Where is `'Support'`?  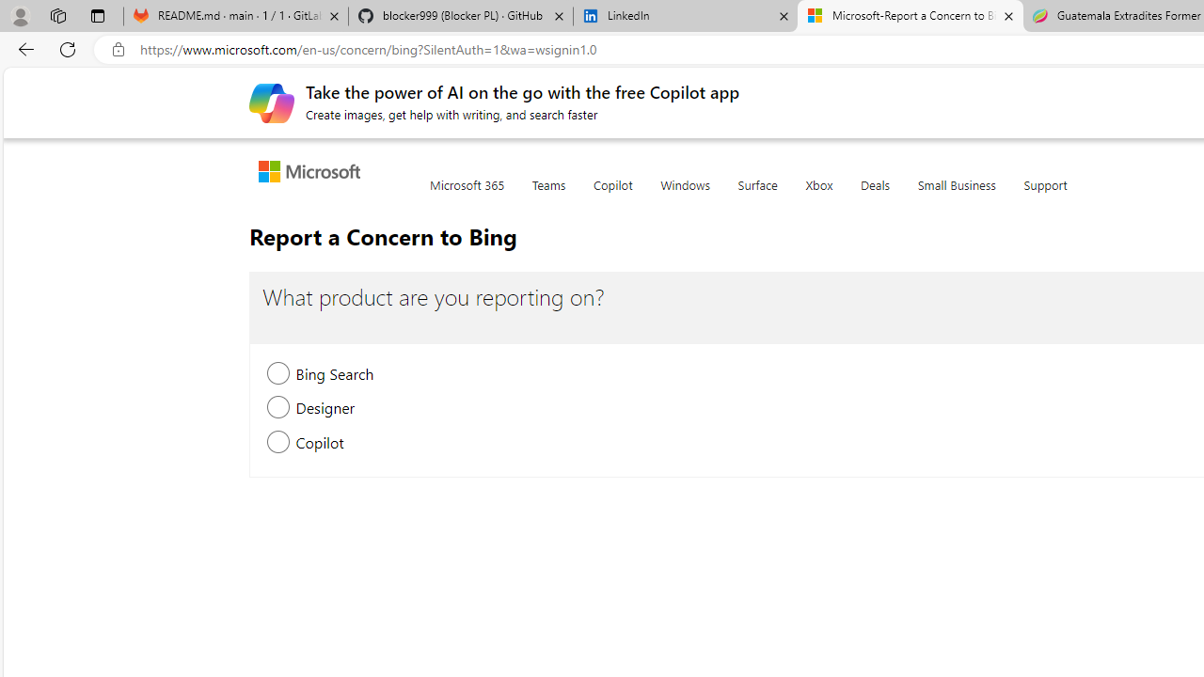 'Support' is located at coordinates (1044, 196).